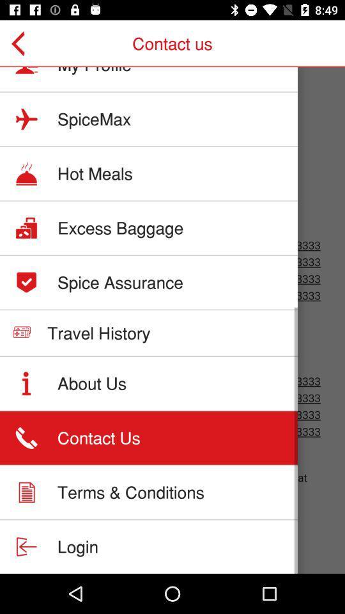 This screenshot has height=614, width=345. Describe the element at coordinates (91, 383) in the screenshot. I see `icon above contact us item` at that location.